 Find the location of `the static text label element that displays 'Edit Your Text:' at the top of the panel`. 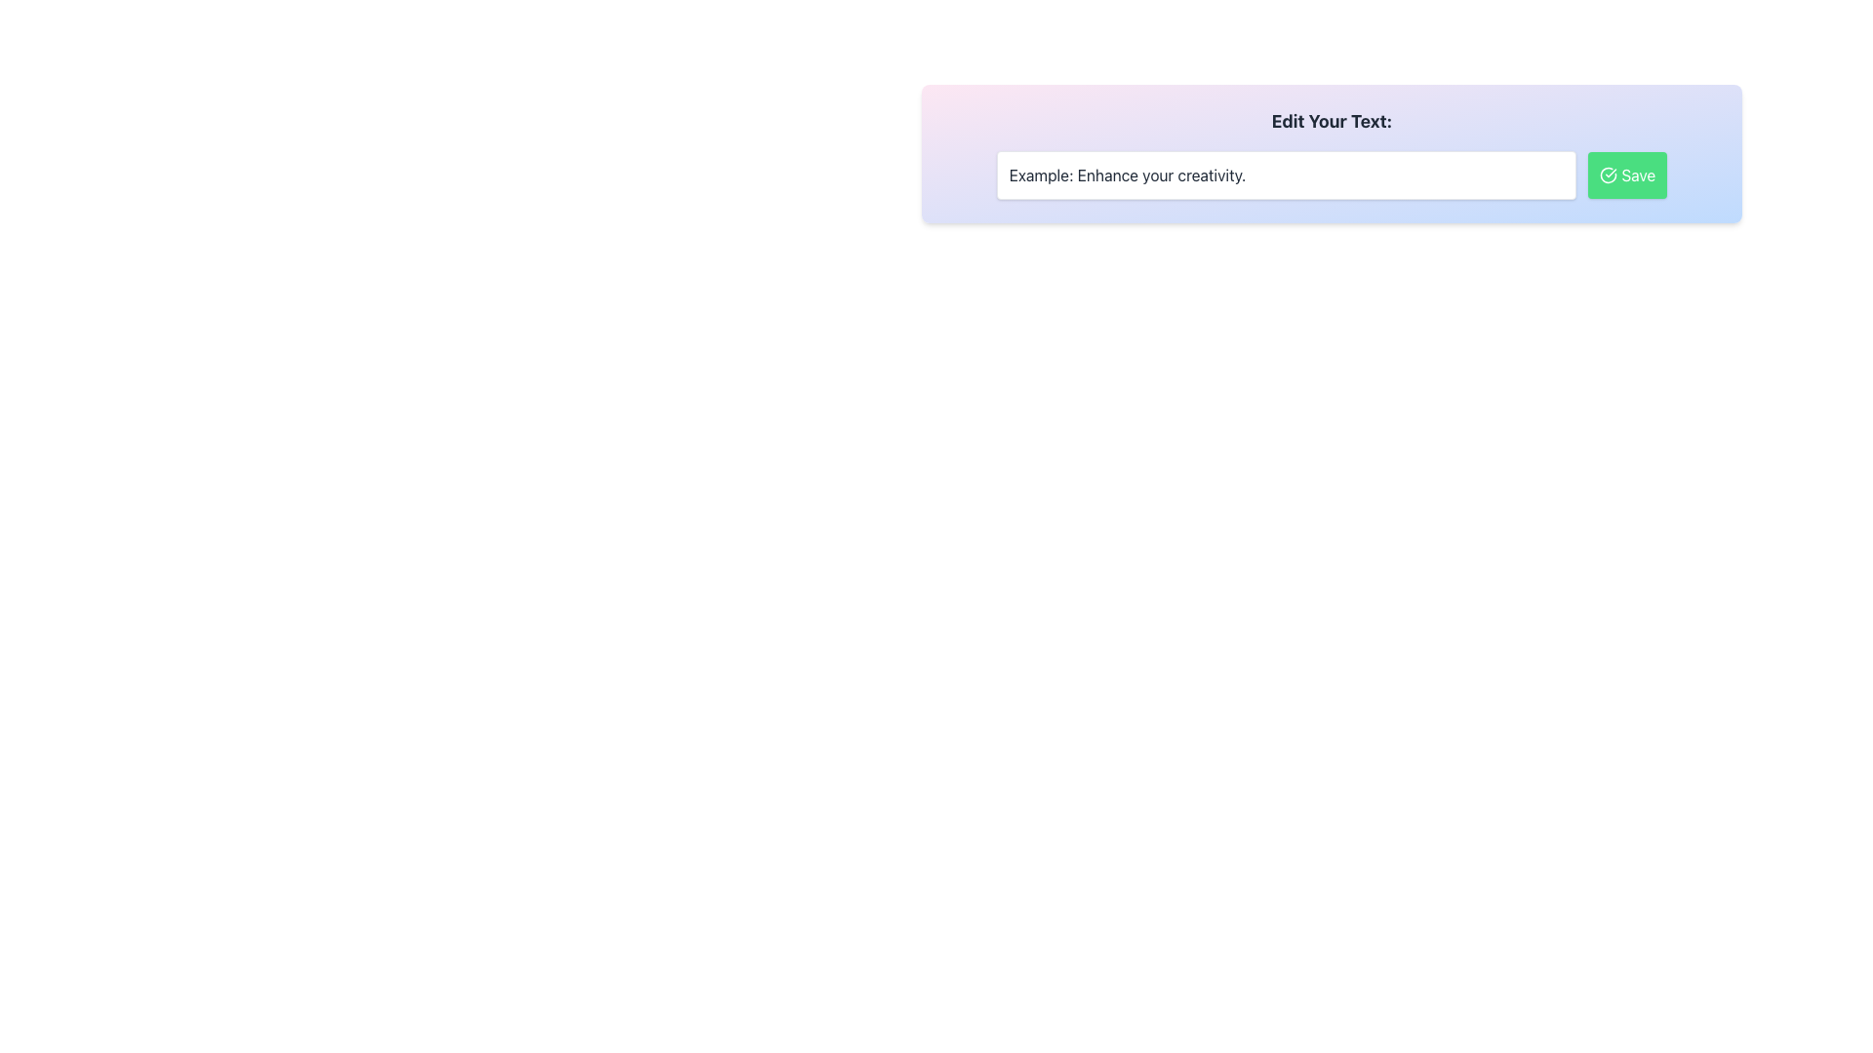

the static text label element that displays 'Edit Your Text:' at the top of the panel is located at coordinates (1331, 121).